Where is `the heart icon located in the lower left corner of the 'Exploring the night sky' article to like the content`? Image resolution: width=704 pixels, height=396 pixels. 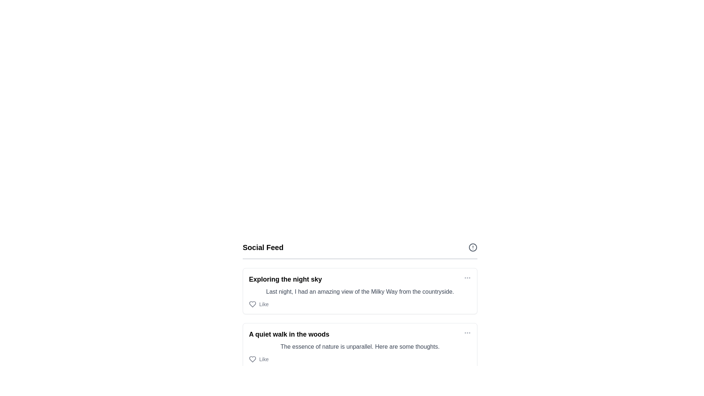 the heart icon located in the lower left corner of the 'Exploring the night sky' article to like the content is located at coordinates (253, 304).